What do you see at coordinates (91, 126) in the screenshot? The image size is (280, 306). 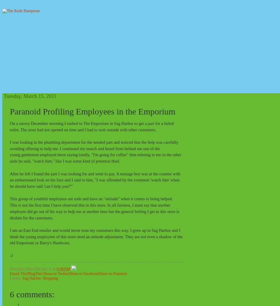 I see `'On a snowy December morning I rushed to The Emporium in Sag Harbor to get a part for a failed toilet. The store had not opened on time and I had to wait outside with other customers.'` at bounding box center [91, 126].